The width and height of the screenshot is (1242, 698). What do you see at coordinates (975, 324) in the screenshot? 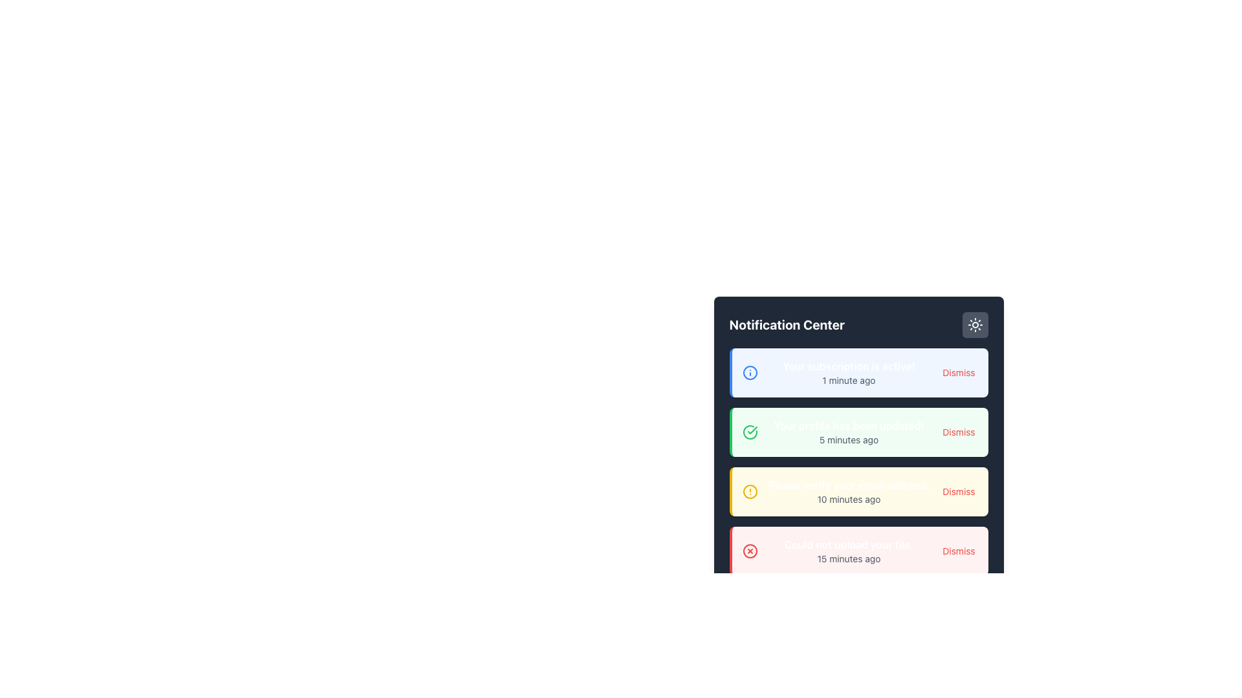
I see `the circular button with a stylized sun icon located in the upper-right corner of the 'Notification Center'` at bounding box center [975, 324].